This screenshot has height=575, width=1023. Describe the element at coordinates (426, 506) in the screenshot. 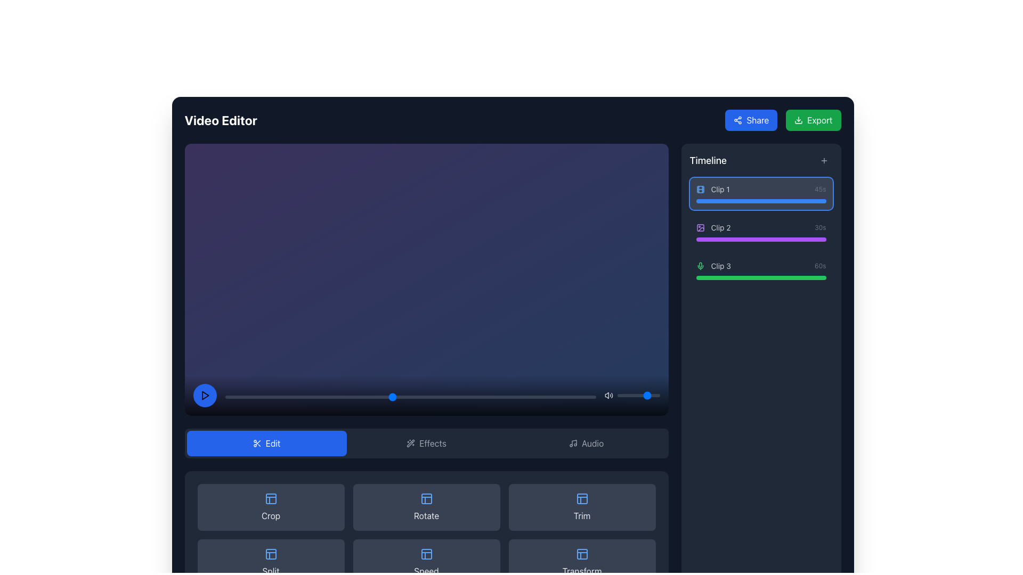

I see `the rotate button located in the top row, second column of the button grid to observe any visual feedback` at that location.